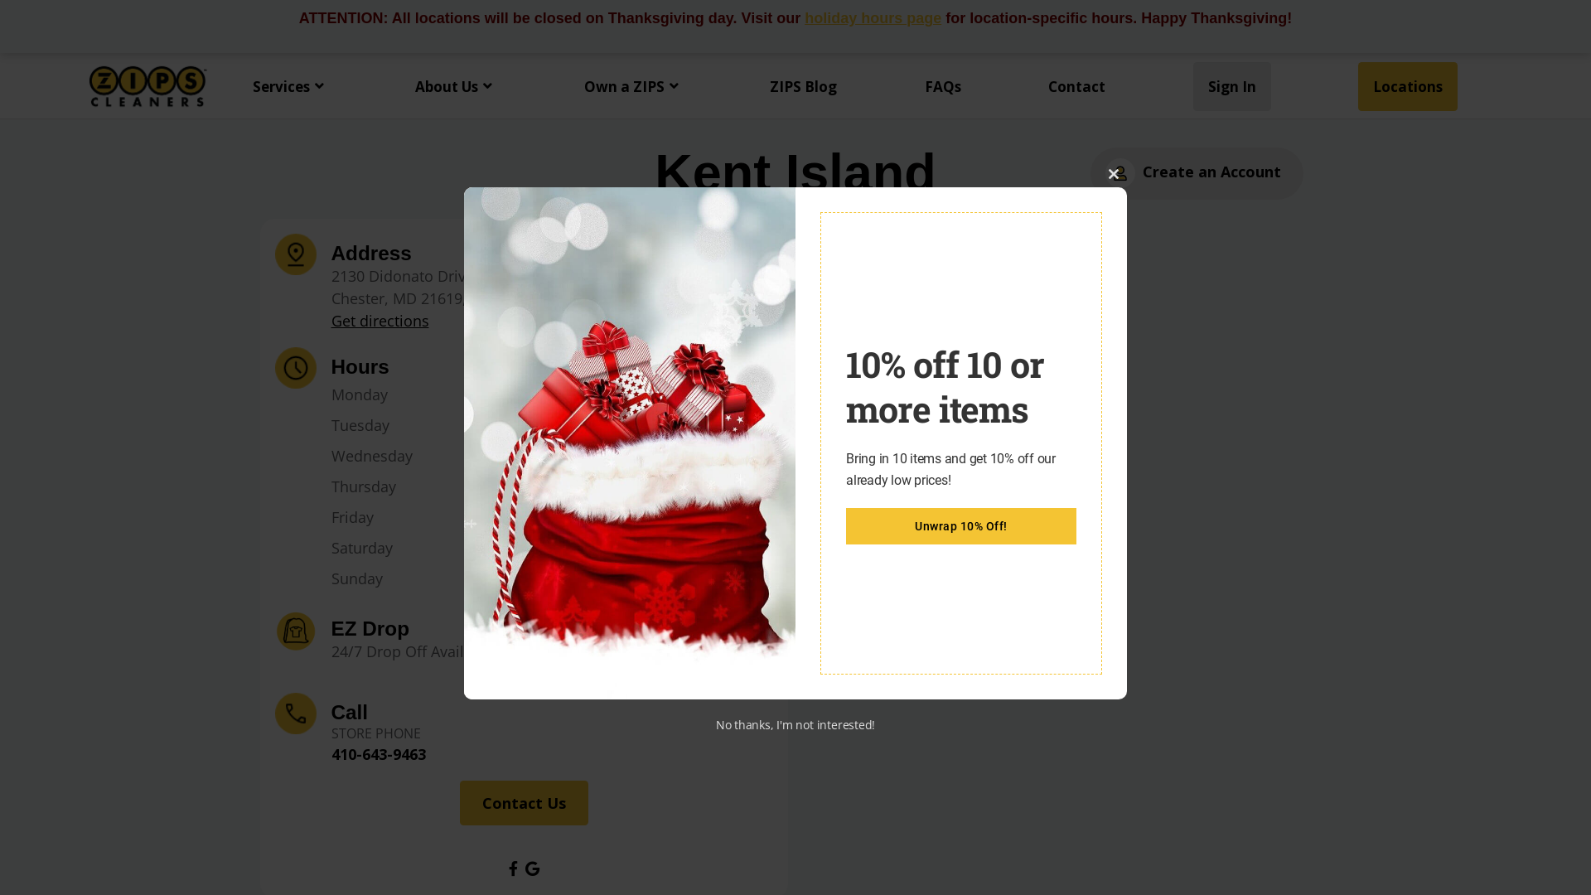 The image size is (1591, 895). What do you see at coordinates (1232, 86) in the screenshot?
I see `'Sign In'` at bounding box center [1232, 86].